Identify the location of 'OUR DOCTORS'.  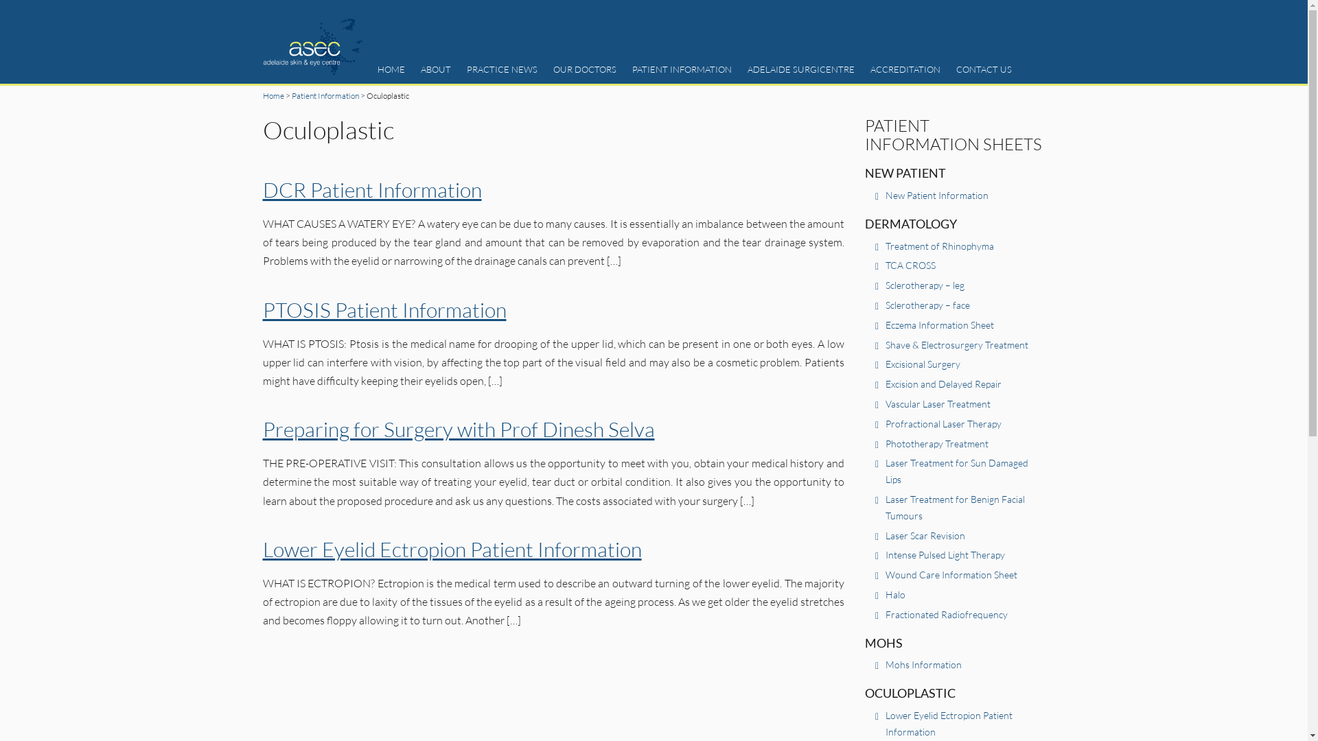
(584, 69).